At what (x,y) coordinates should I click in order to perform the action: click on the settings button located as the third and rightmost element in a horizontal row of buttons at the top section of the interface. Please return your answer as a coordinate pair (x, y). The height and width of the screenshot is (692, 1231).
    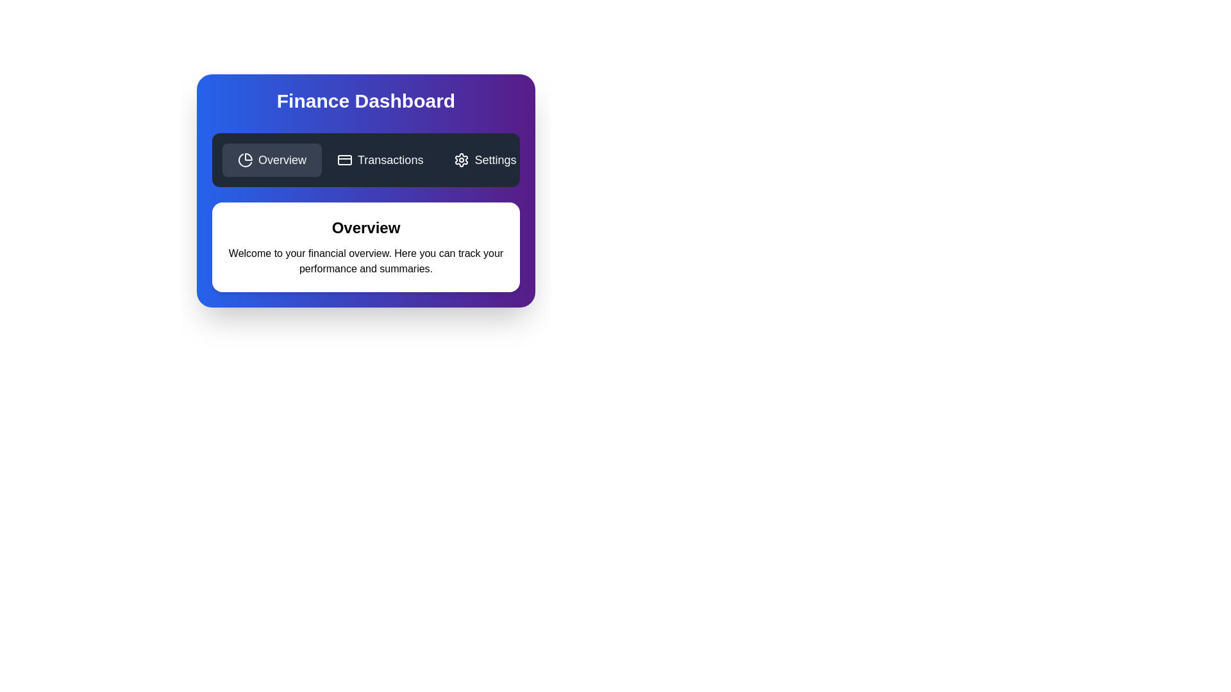
    Looking at the image, I should click on (484, 160).